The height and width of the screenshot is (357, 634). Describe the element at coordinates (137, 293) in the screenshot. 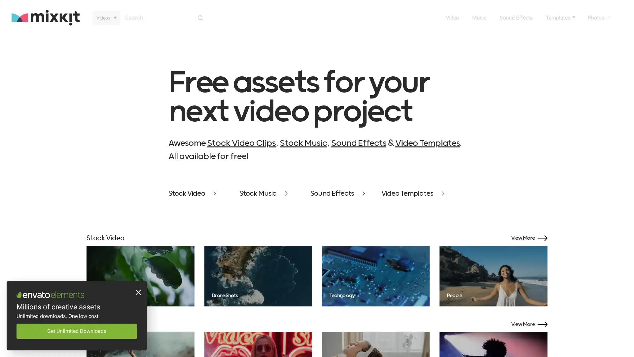

I see `Close` at that location.